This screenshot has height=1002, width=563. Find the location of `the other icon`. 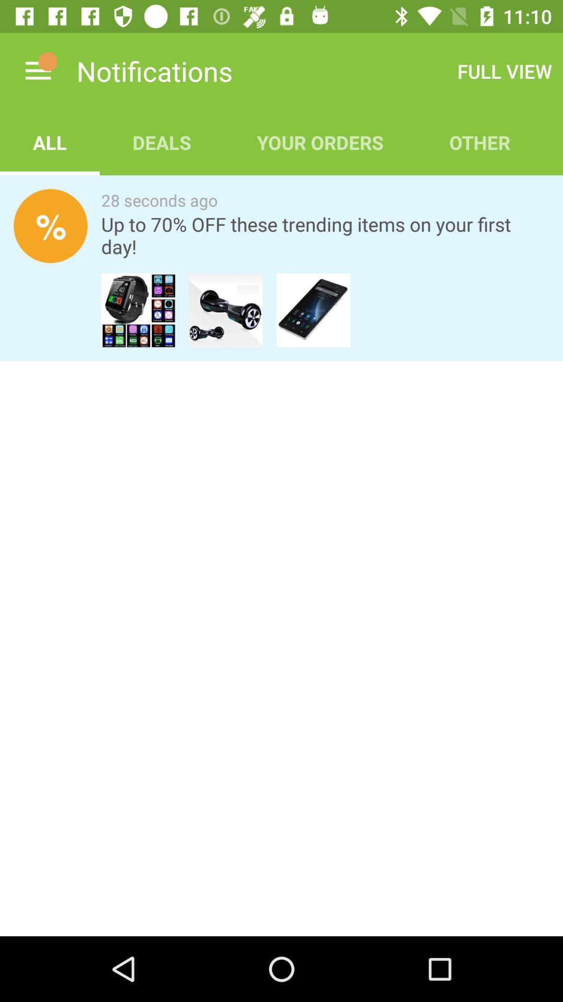

the other icon is located at coordinates (480, 142).